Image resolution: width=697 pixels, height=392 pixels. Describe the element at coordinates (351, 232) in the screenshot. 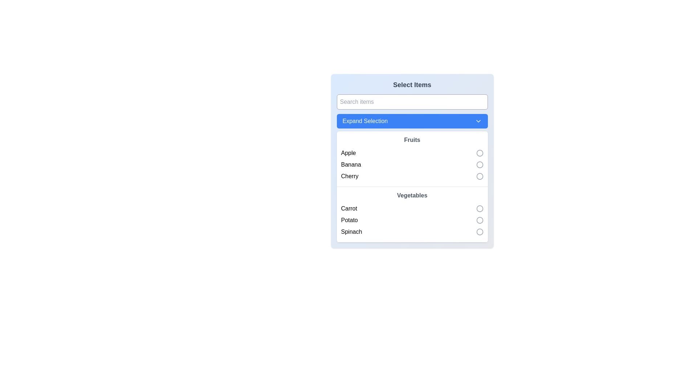

I see `label displaying 'Spinach', which is the third item in the 'Vegetables' section of the list` at that location.